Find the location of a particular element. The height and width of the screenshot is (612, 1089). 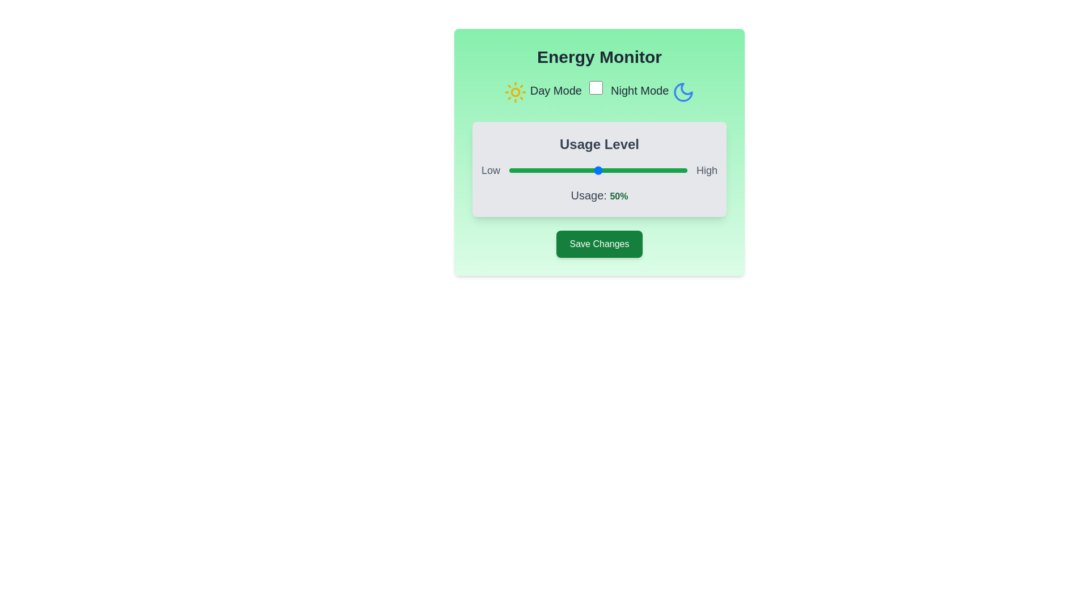

the slider is located at coordinates (635, 170).